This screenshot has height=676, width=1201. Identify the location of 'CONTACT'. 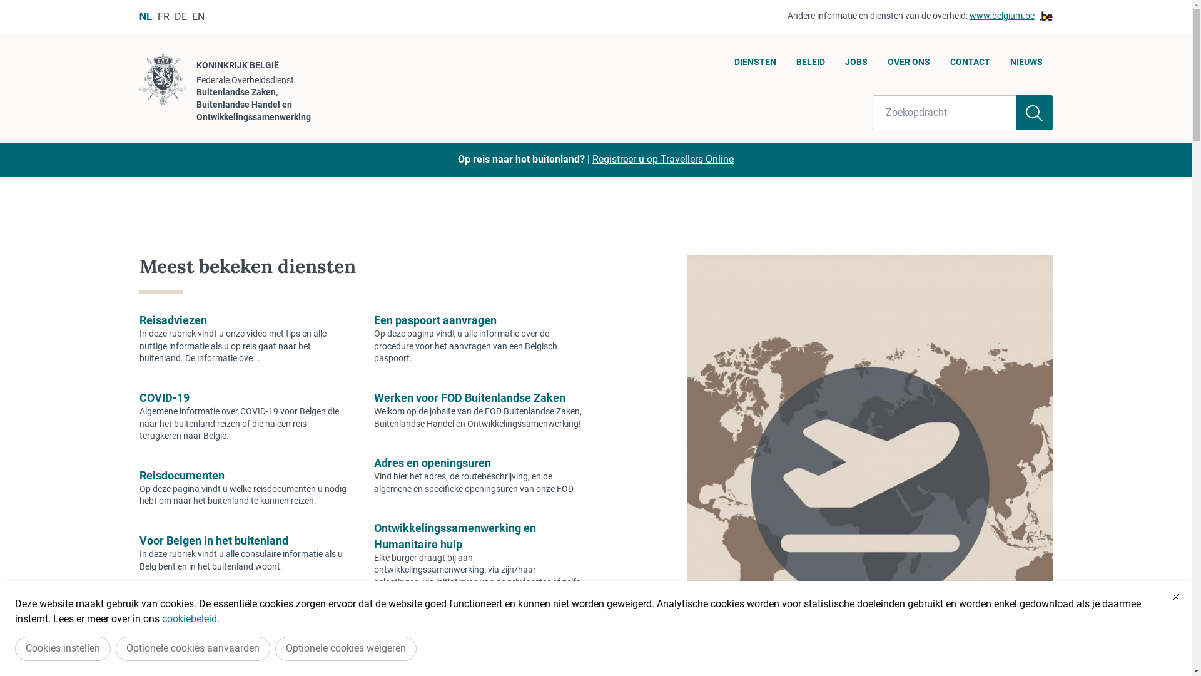
(969, 65).